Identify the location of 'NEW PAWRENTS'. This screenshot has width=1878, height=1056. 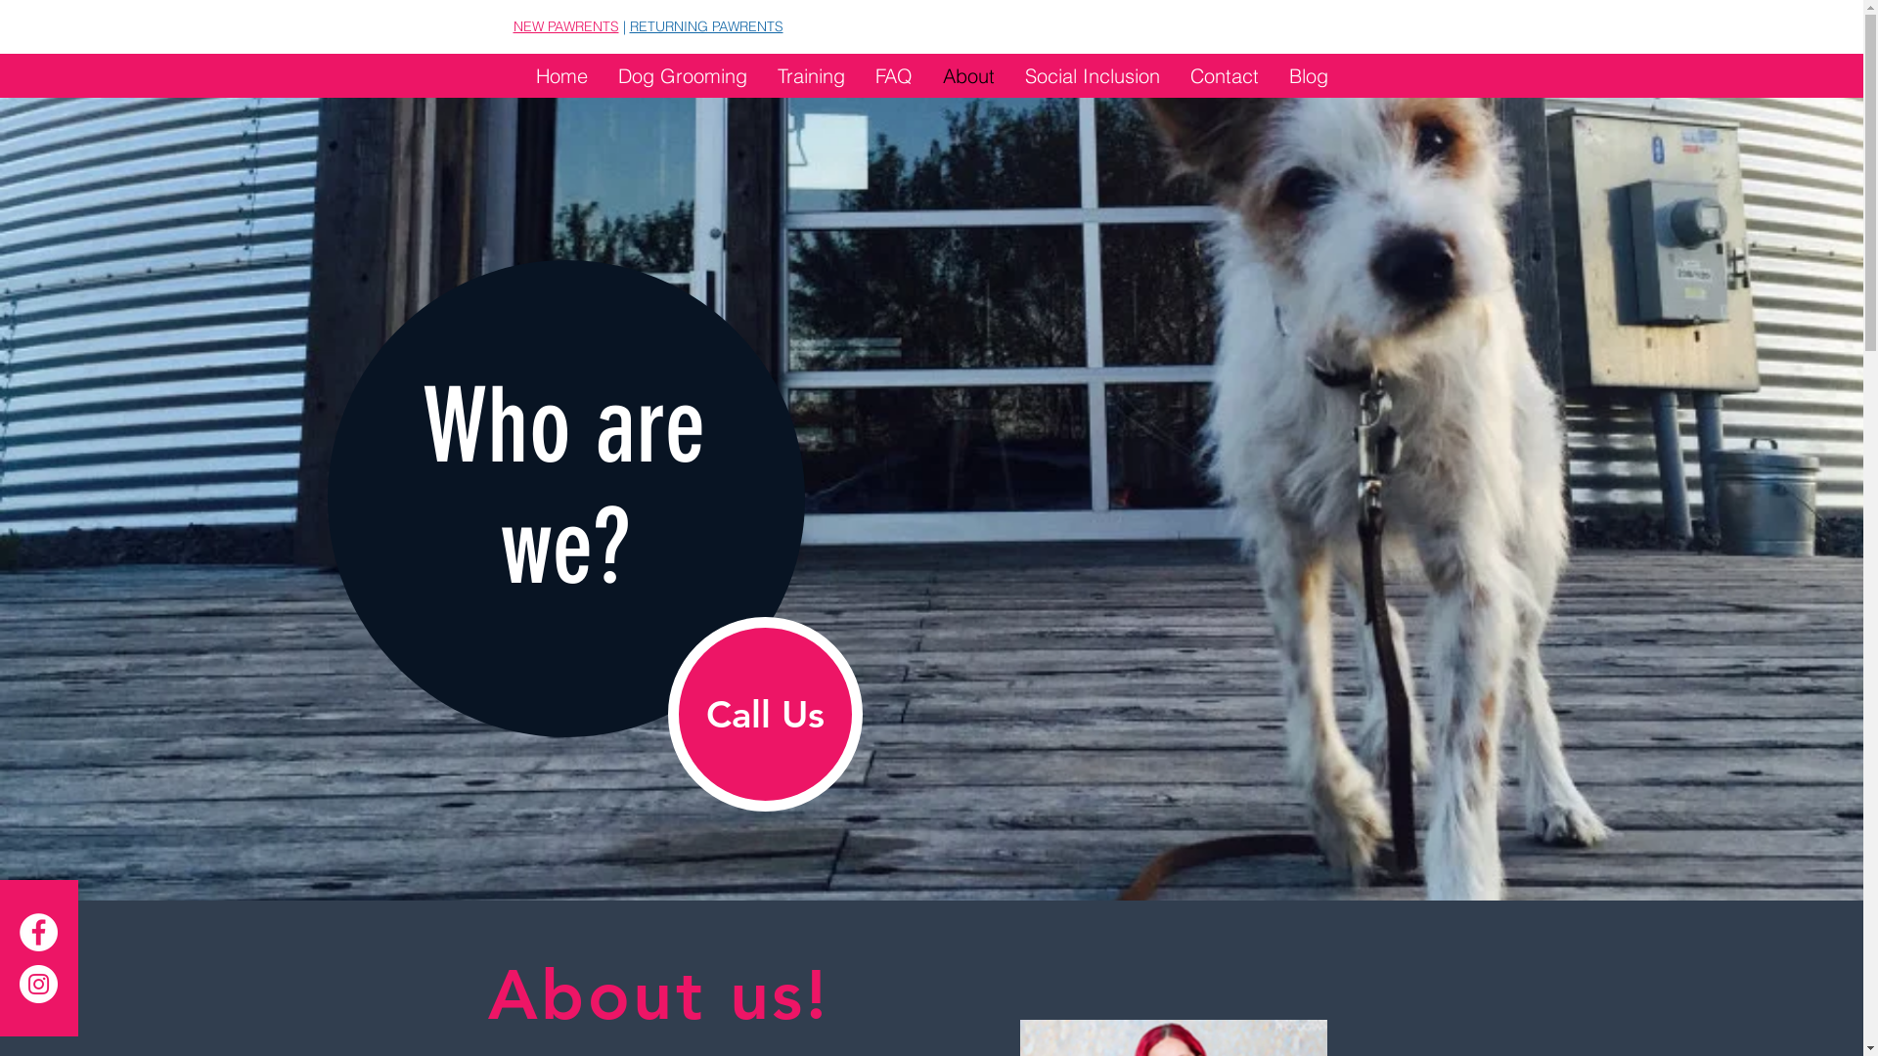
(563, 26).